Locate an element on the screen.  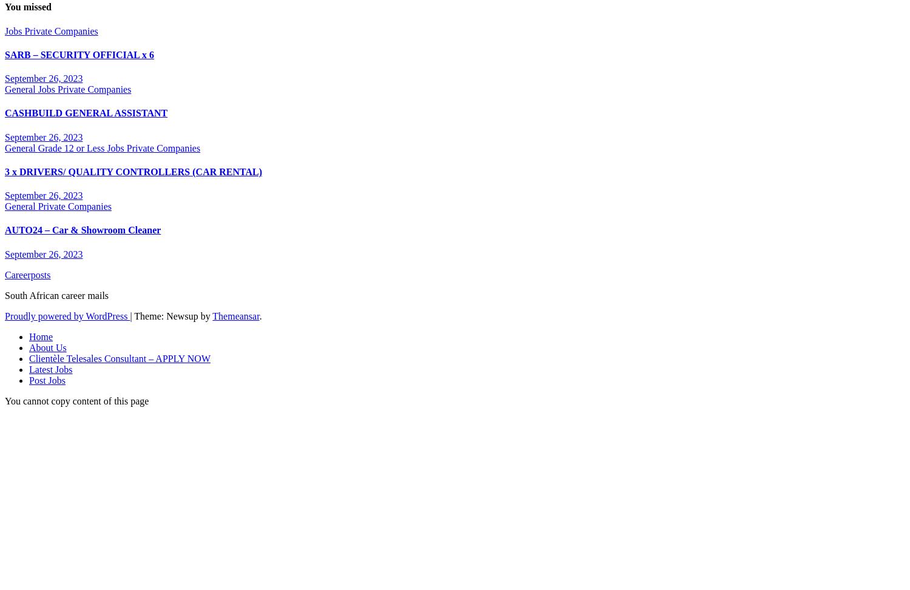
'South African career mails' is located at coordinates (4, 295).